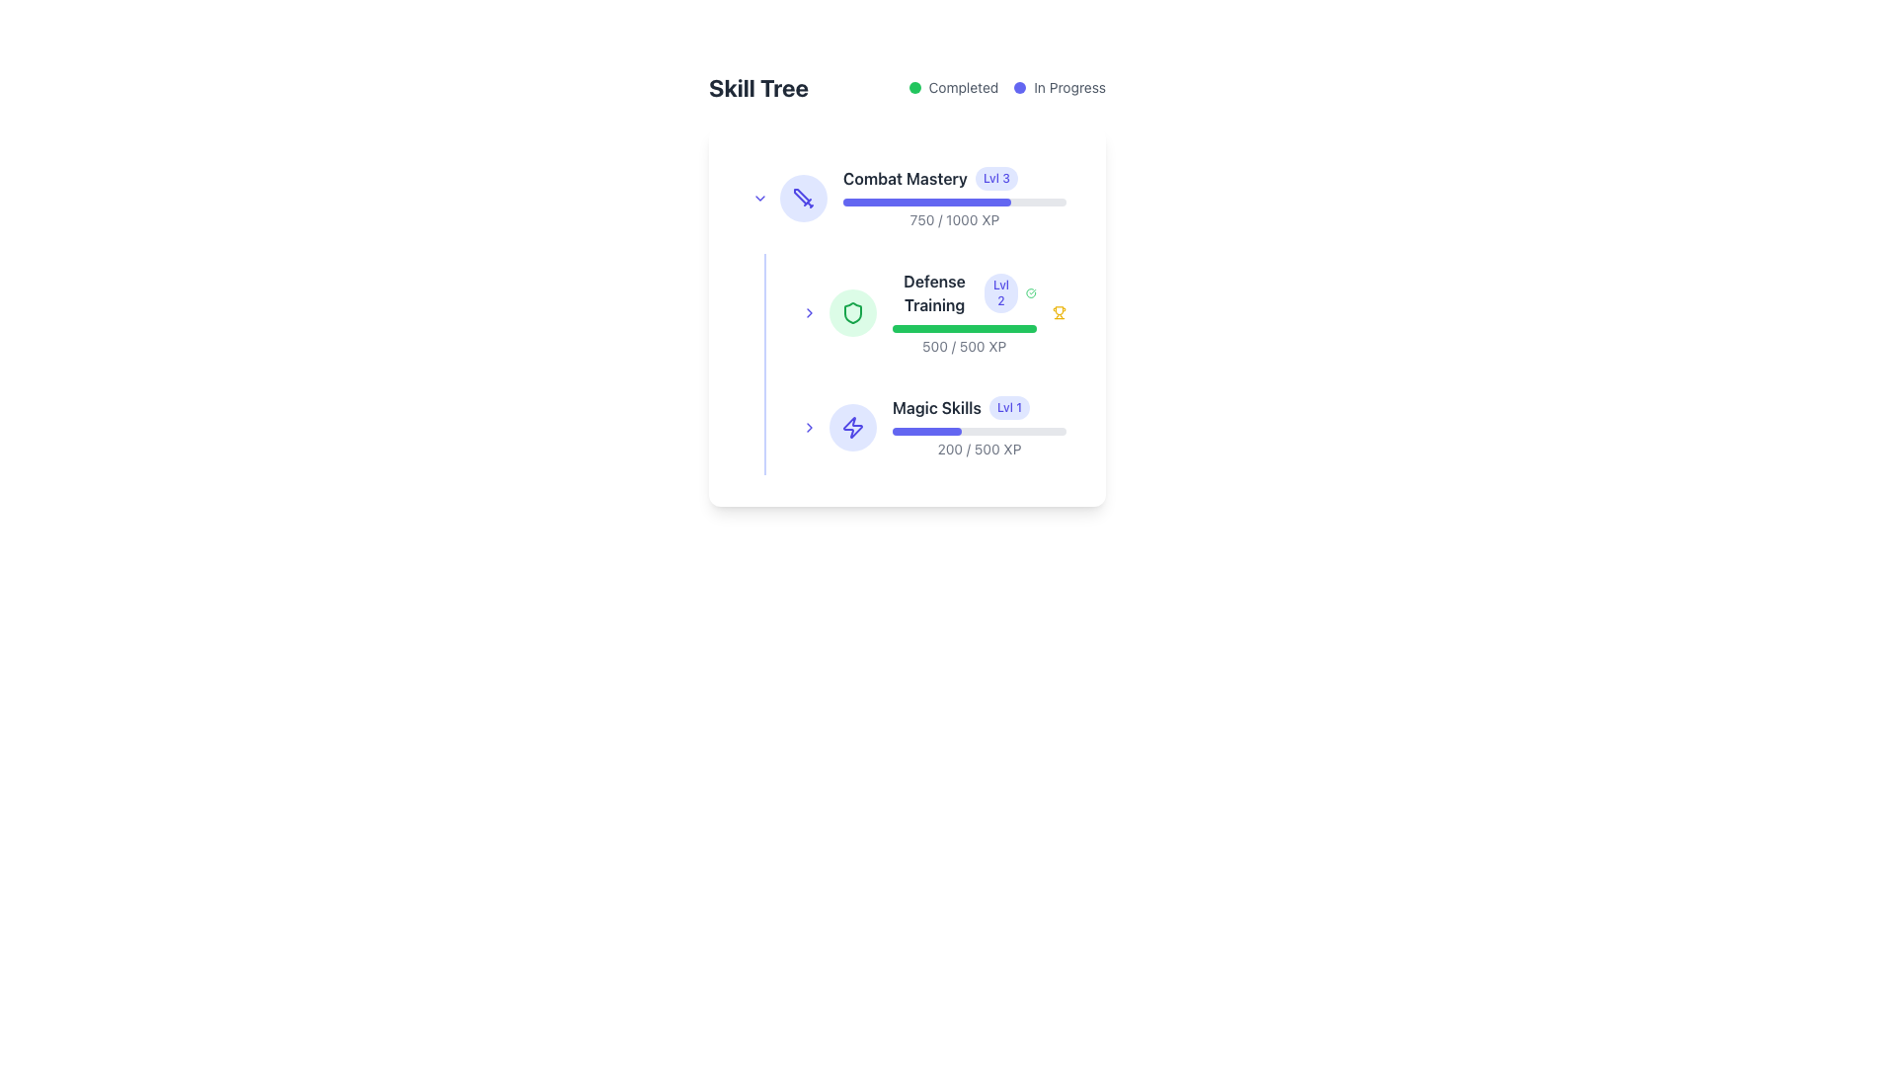 The image size is (1896, 1067). Describe the element at coordinates (757, 86) in the screenshot. I see `displayed text of the prominent bold heading that says 'Skill Tree', located at the top-left corner of the interface` at that location.